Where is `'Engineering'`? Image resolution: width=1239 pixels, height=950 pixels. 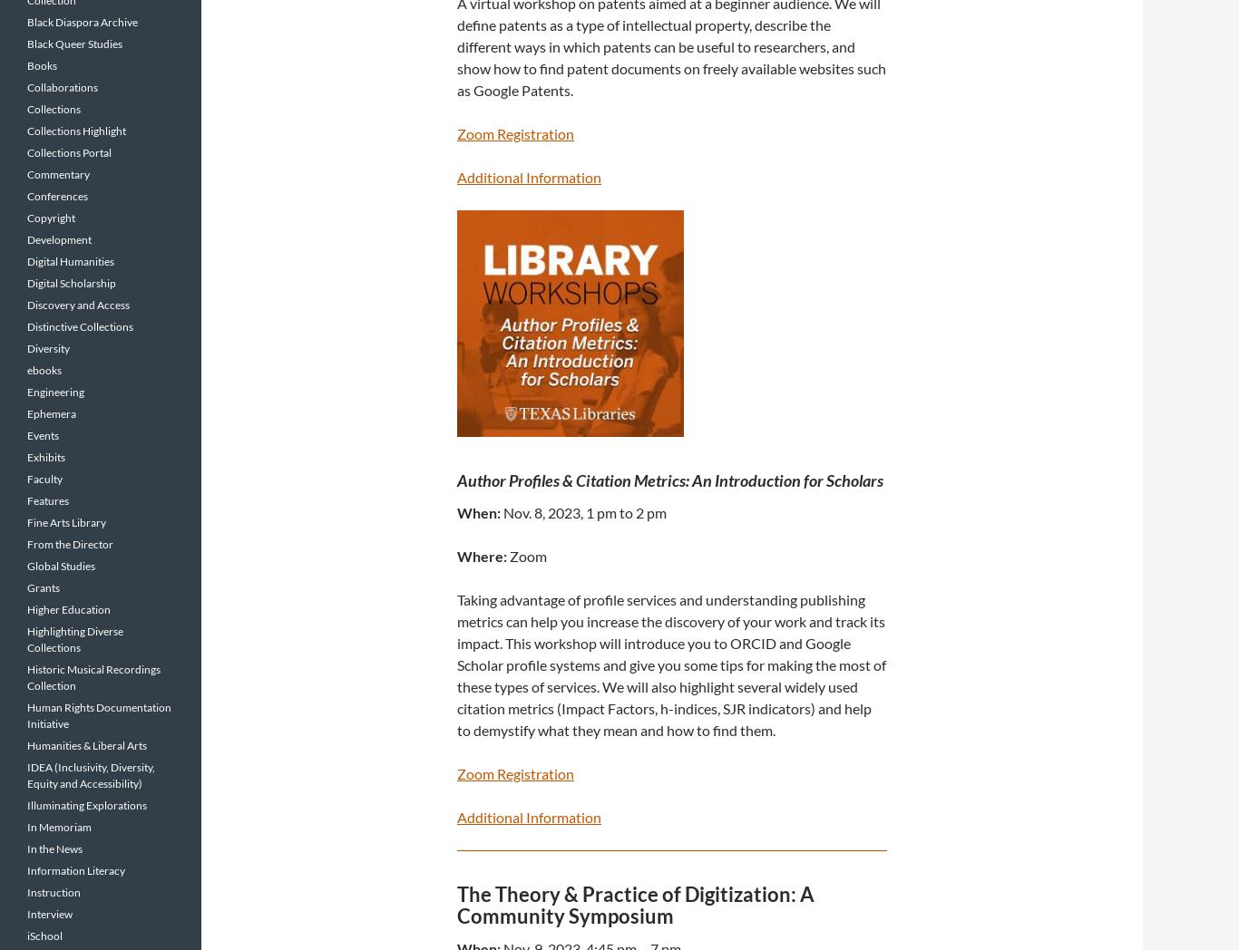
'Engineering' is located at coordinates (55, 392).